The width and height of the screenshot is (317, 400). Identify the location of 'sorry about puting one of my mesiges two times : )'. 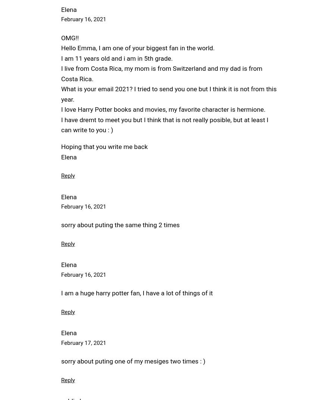
(133, 361).